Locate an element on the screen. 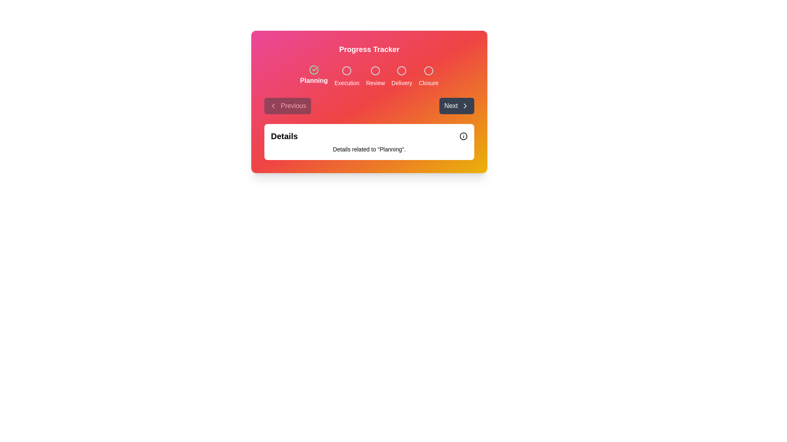  the outlined circle SVG element located to the right of the 'Details' label text in the interface section below the progress tracker is located at coordinates (464, 135).